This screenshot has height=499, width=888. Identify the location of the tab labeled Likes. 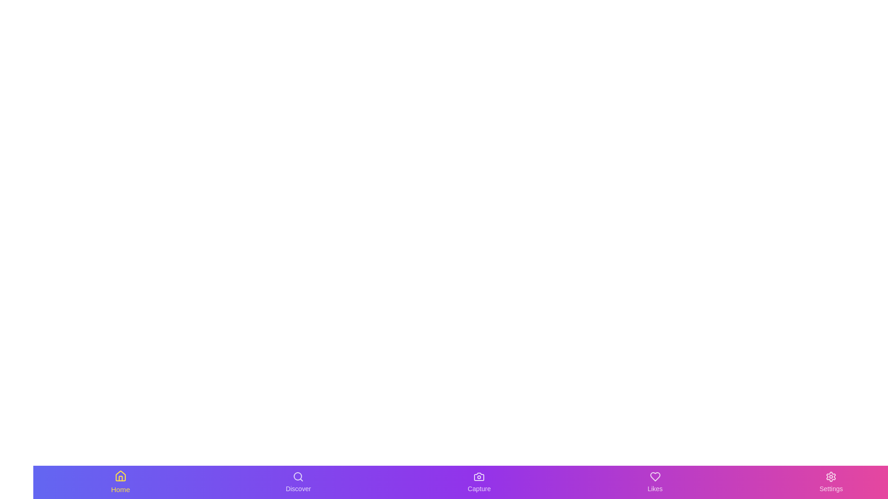
(654, 482).